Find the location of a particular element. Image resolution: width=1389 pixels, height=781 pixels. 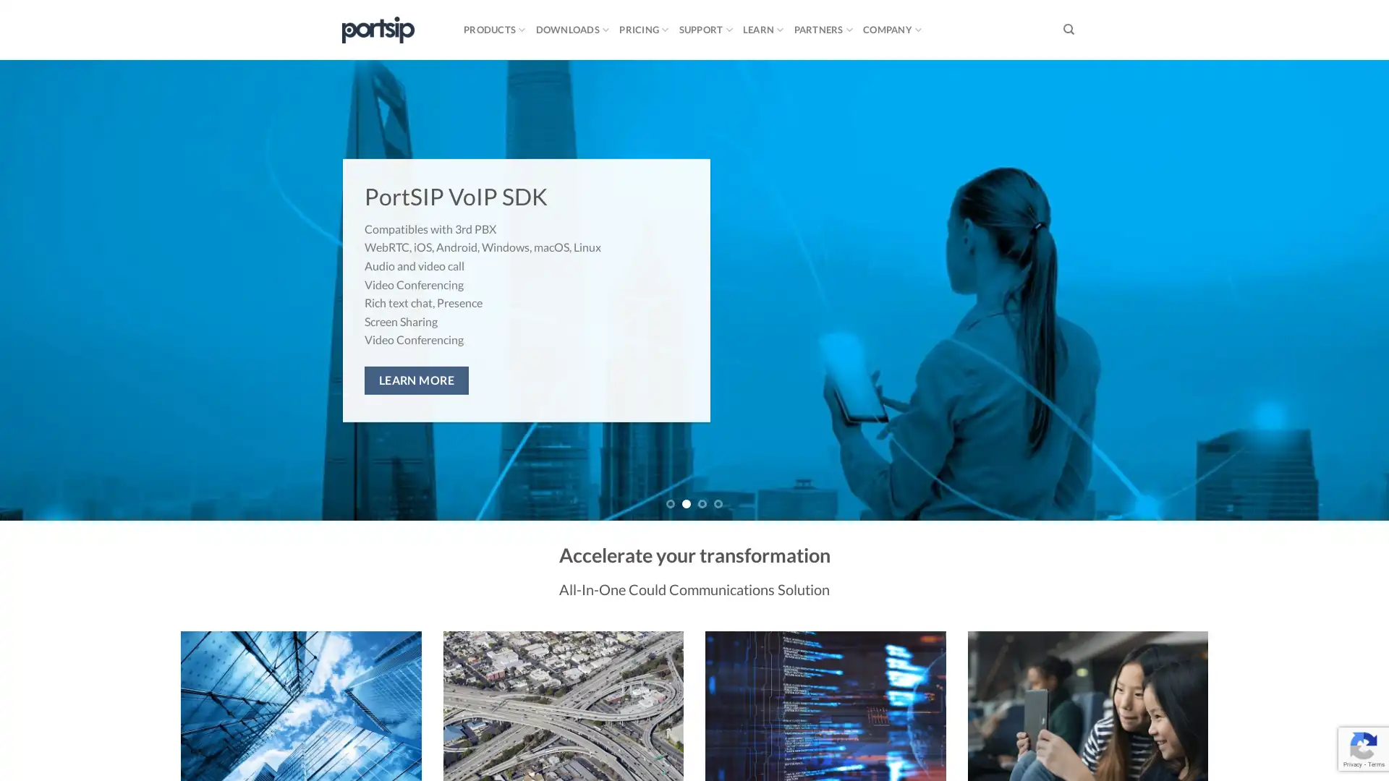

Next is located at coordinates (1342, 290).